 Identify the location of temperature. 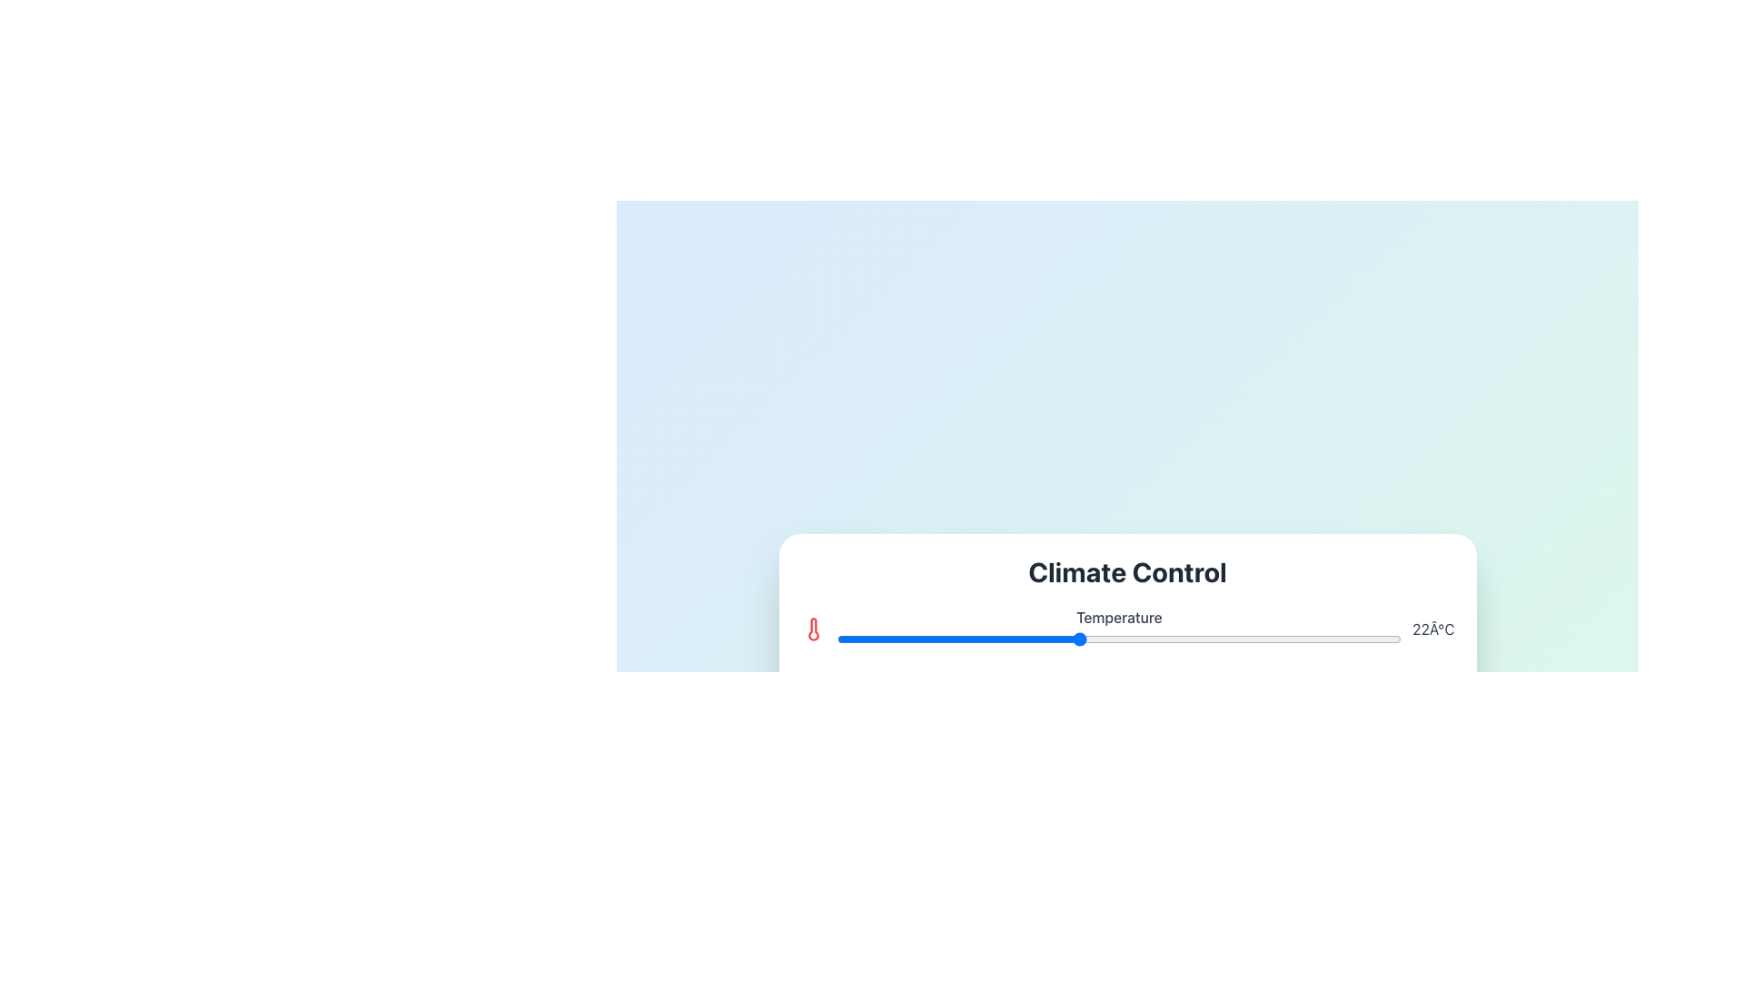
(1078, 639).